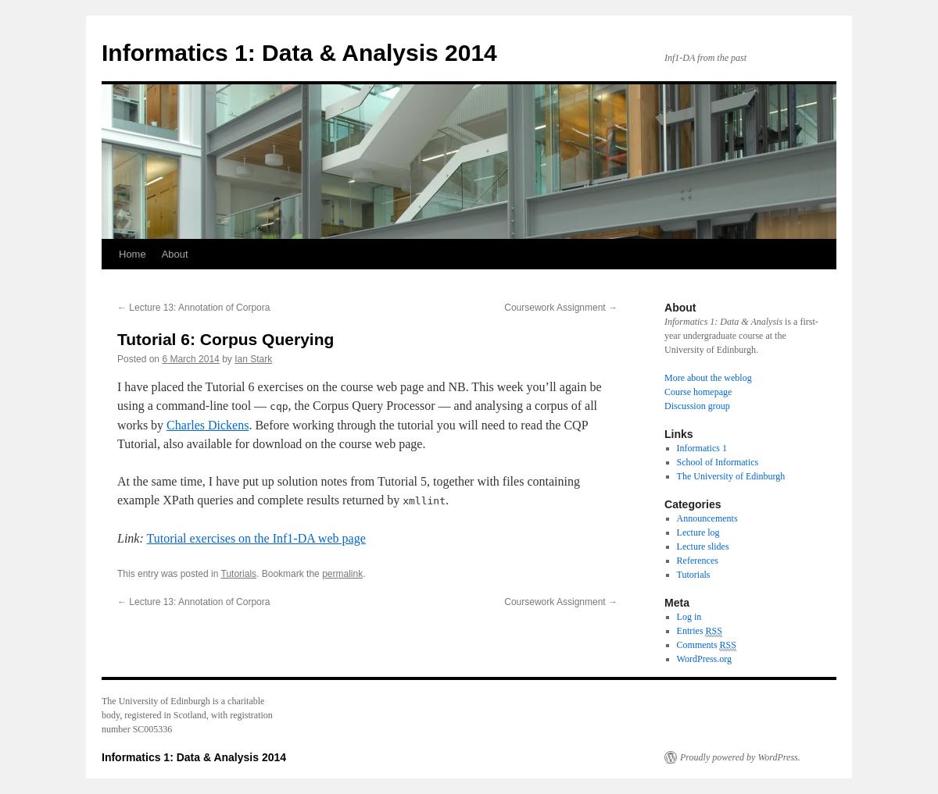 Image resolution: width=938 pixels, height=794 pixels. What do you see at coordinates (256, 572) in the screenshot?
I see `'. Bookmark the'` at bounding box center [256, 572].